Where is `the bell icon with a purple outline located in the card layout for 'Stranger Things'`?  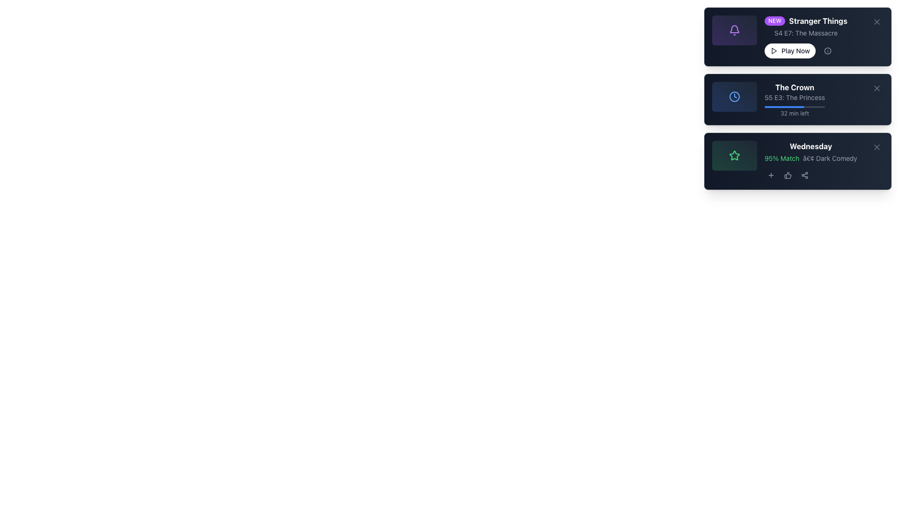
the bell icon with a purple outline located in the card layout for 'Stranger Things' is located at coordinates (734, 30).